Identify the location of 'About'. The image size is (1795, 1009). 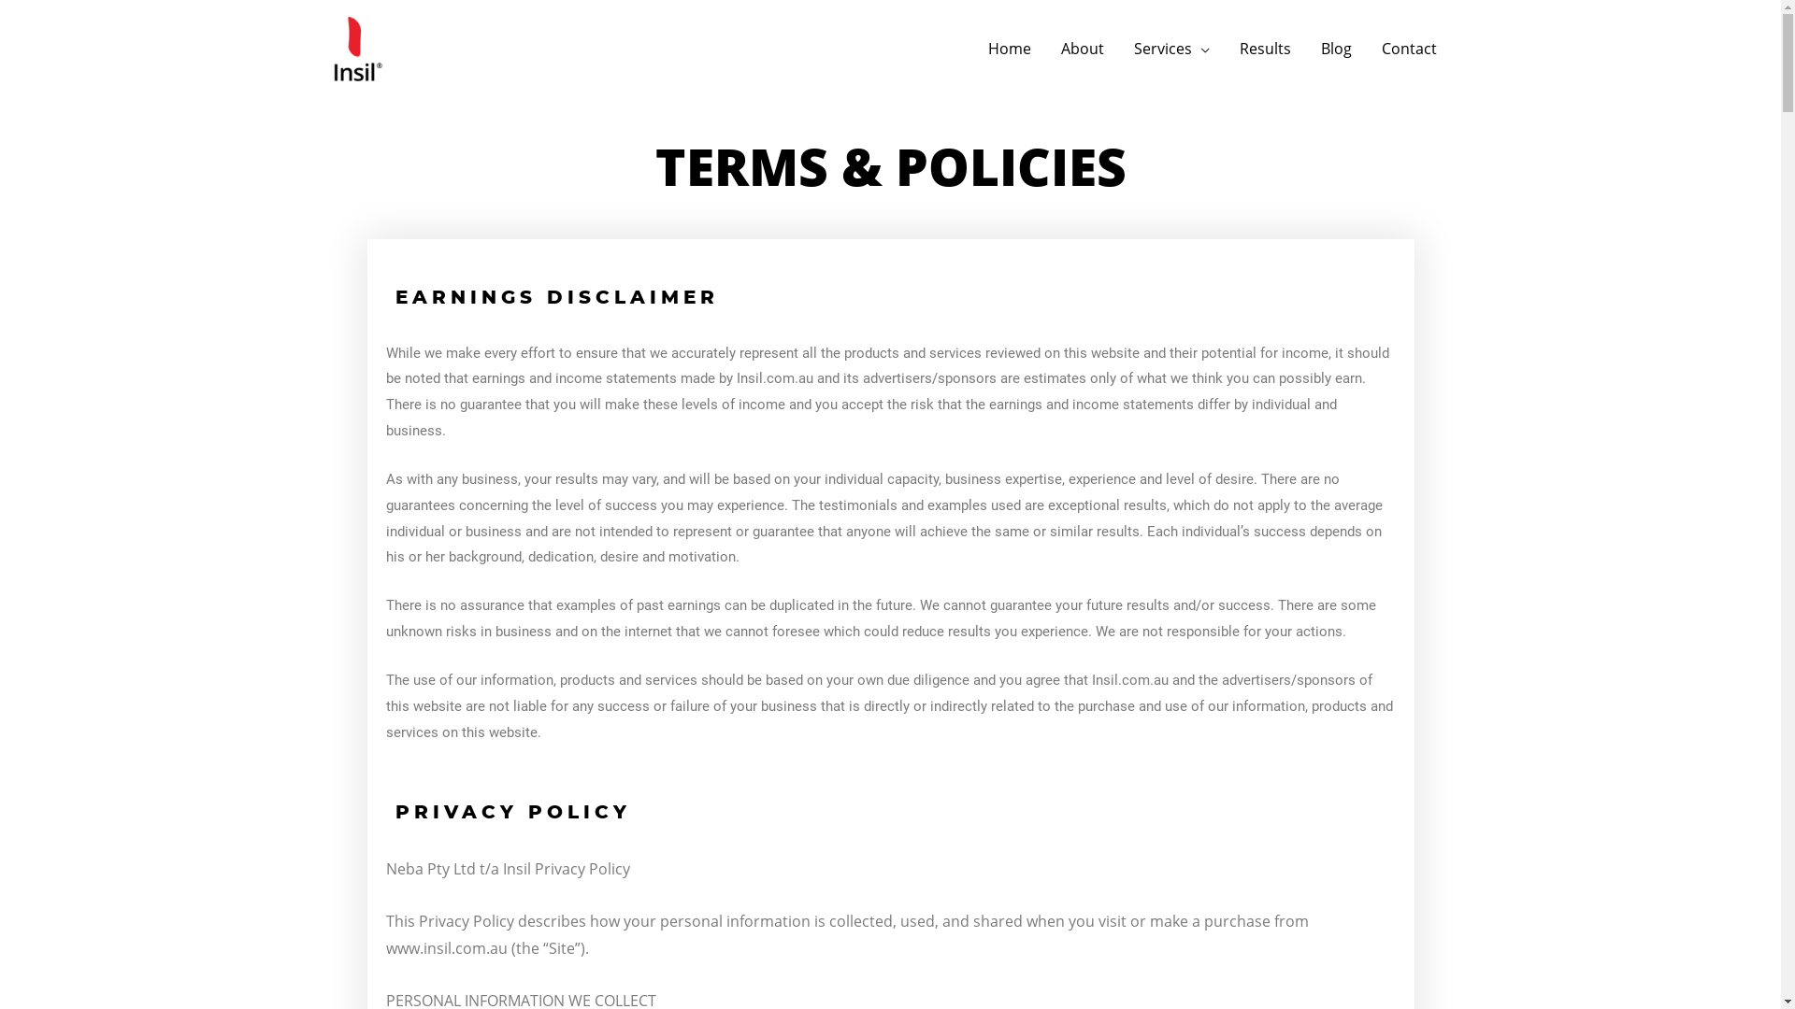
(1044, 47).